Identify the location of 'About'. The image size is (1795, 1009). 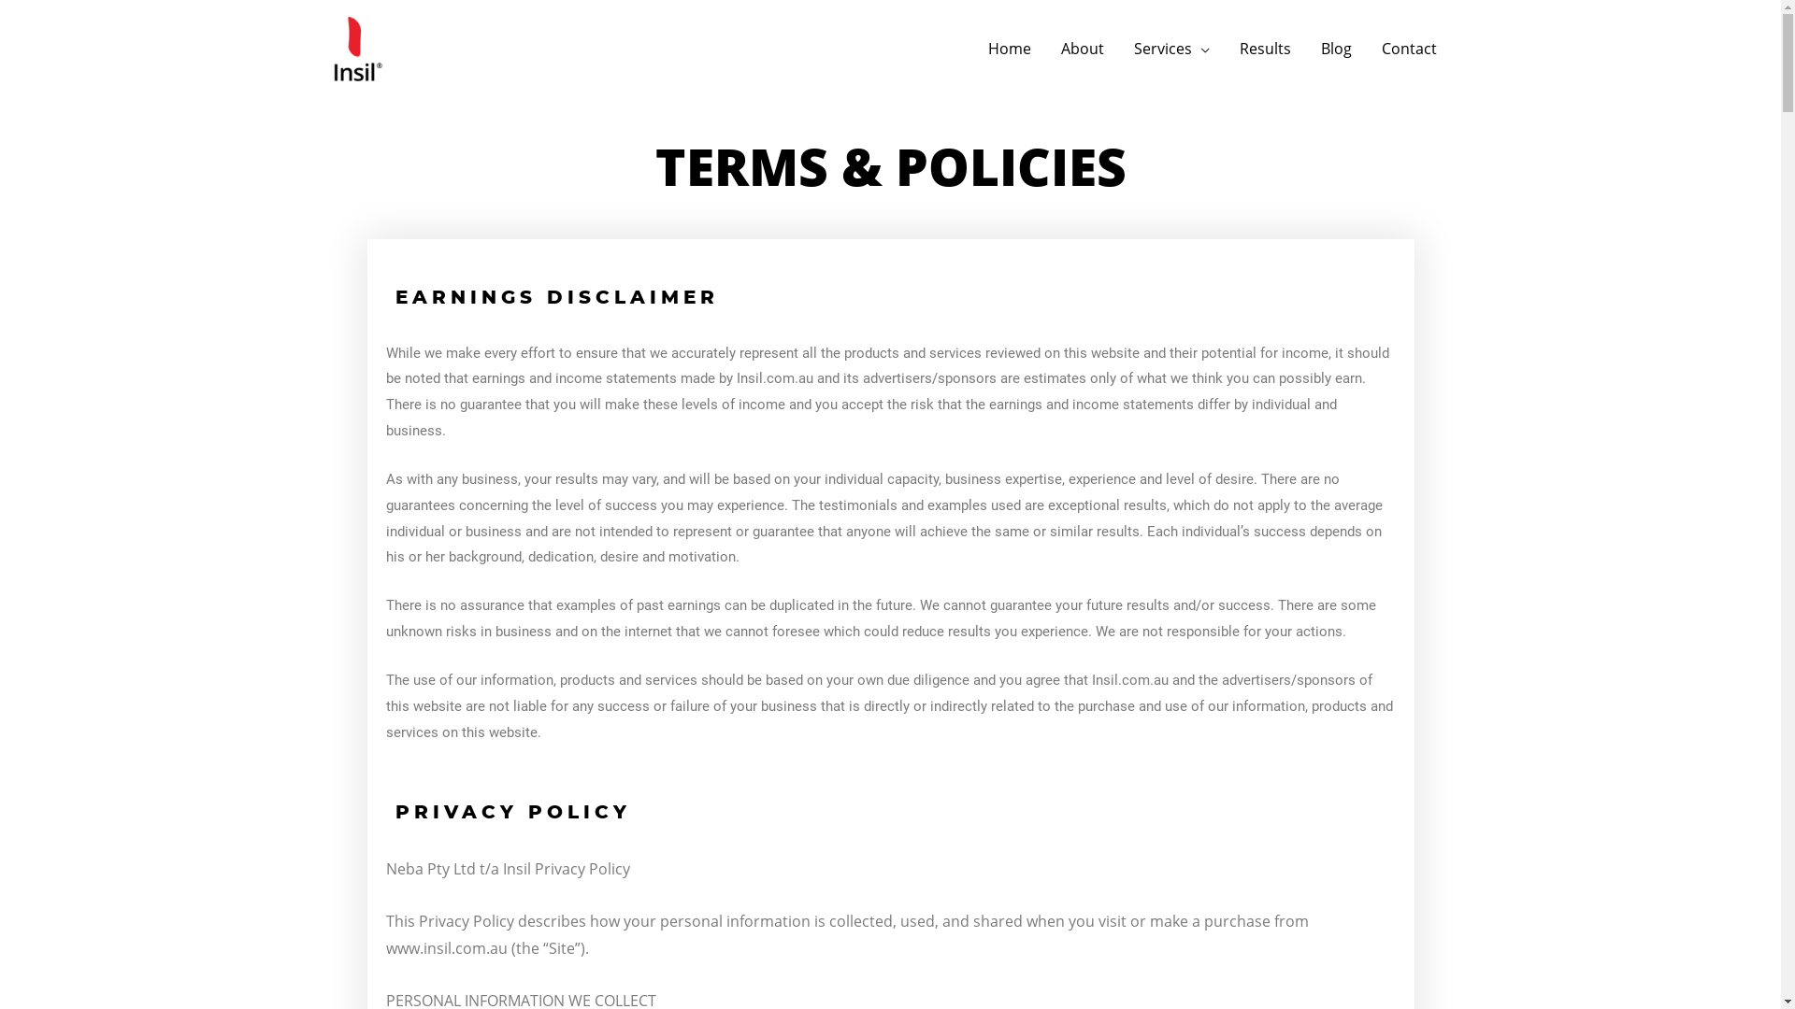
(1044, 47).